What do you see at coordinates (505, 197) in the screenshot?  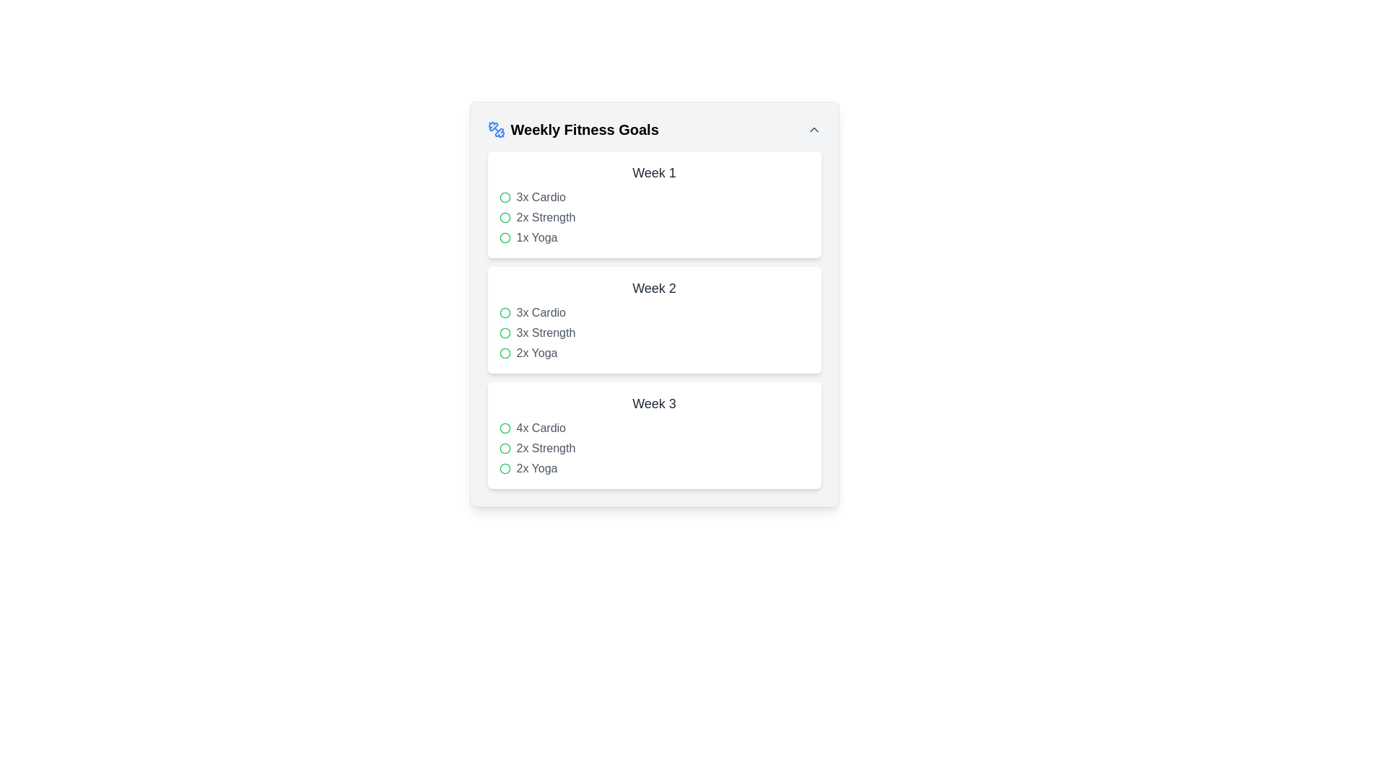 I see `the green circular icon indicating completion located next to the text '3x Cardio' in the 'Week 1' section` at bounding box center [505, 197].